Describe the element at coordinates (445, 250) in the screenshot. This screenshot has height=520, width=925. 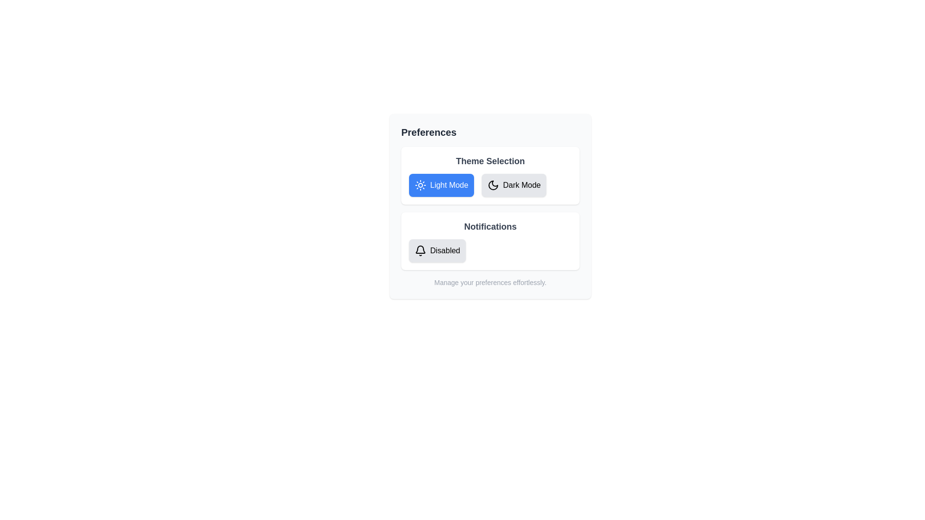
I see `the static text label indicating 'Disabled' located in the Notifications section of the Preferences interface, positioned to the right of the bell icon` at that location.